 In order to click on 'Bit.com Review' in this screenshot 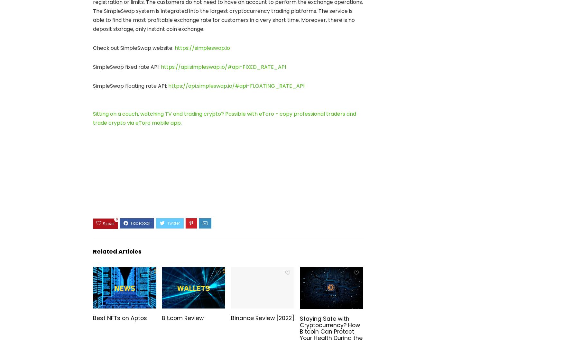, I will do `click(183, 318)`.